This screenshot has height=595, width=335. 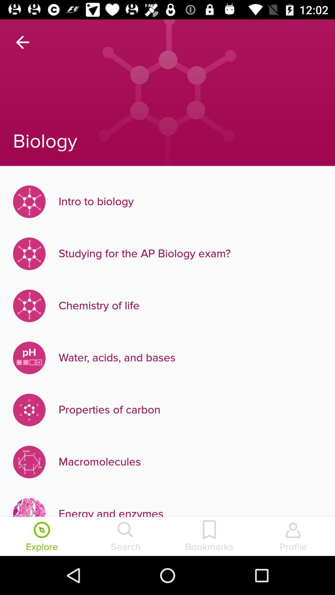 I want to click on profile icon, so click(x=293, y=537).